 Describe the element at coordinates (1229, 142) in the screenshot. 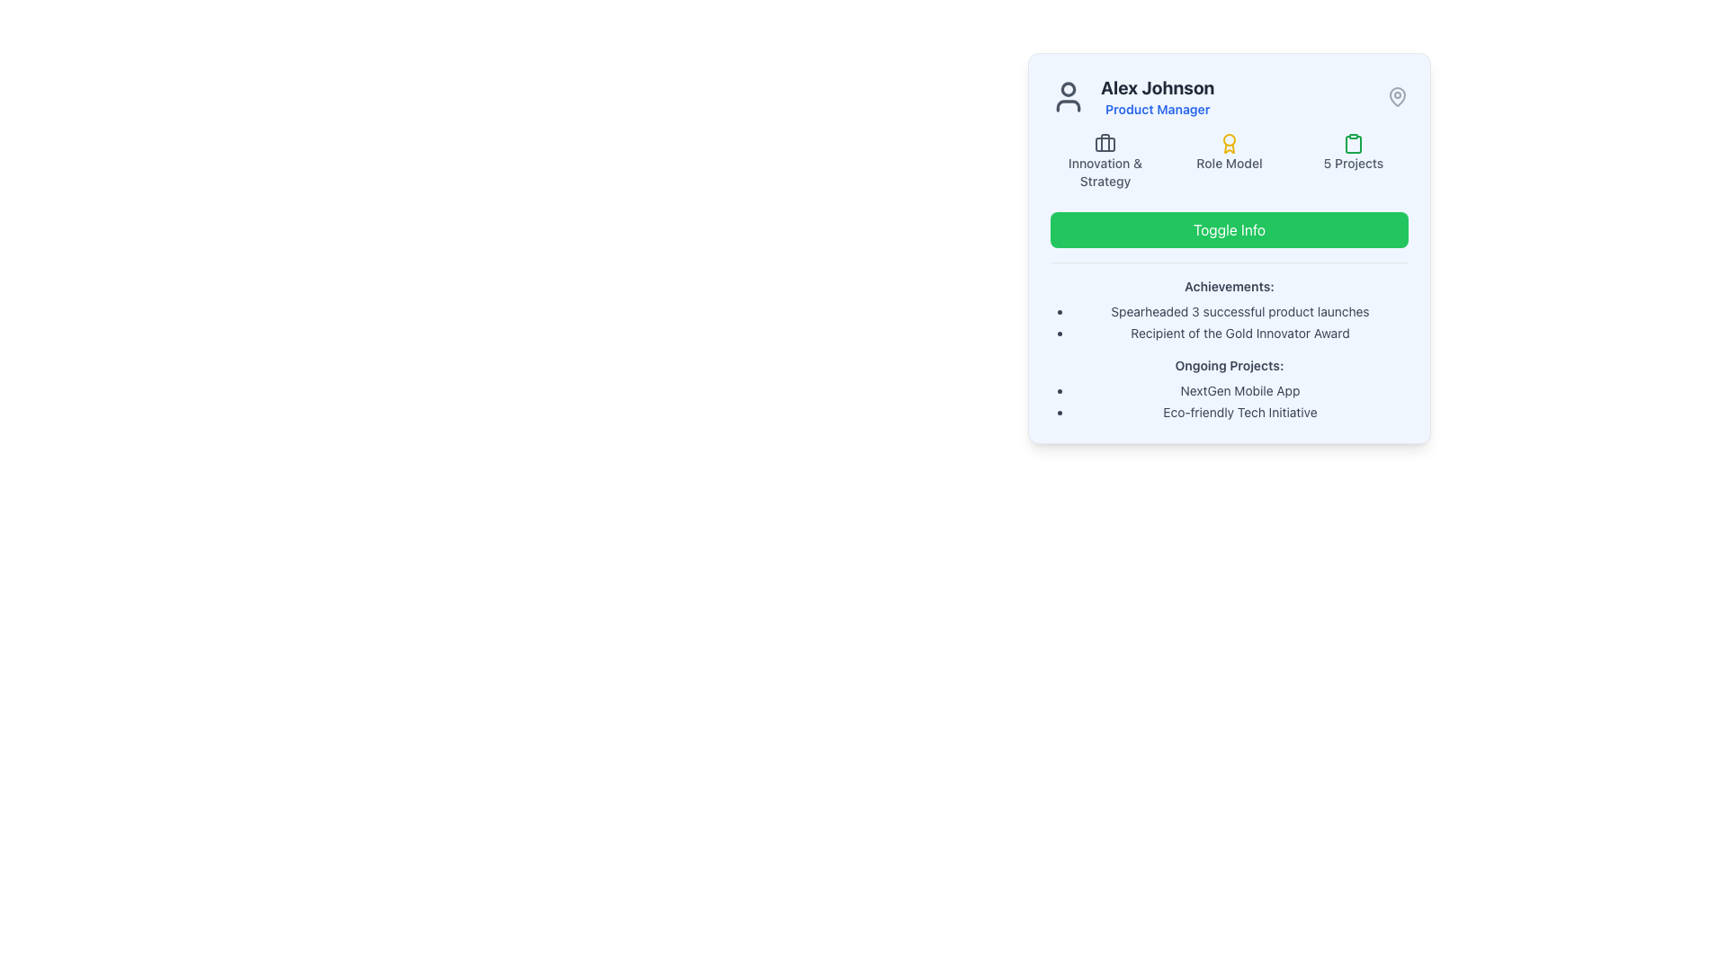

I see `the decorative icon representing the 'Role Model' section, which is centrally positioned above the associated text` at that location.